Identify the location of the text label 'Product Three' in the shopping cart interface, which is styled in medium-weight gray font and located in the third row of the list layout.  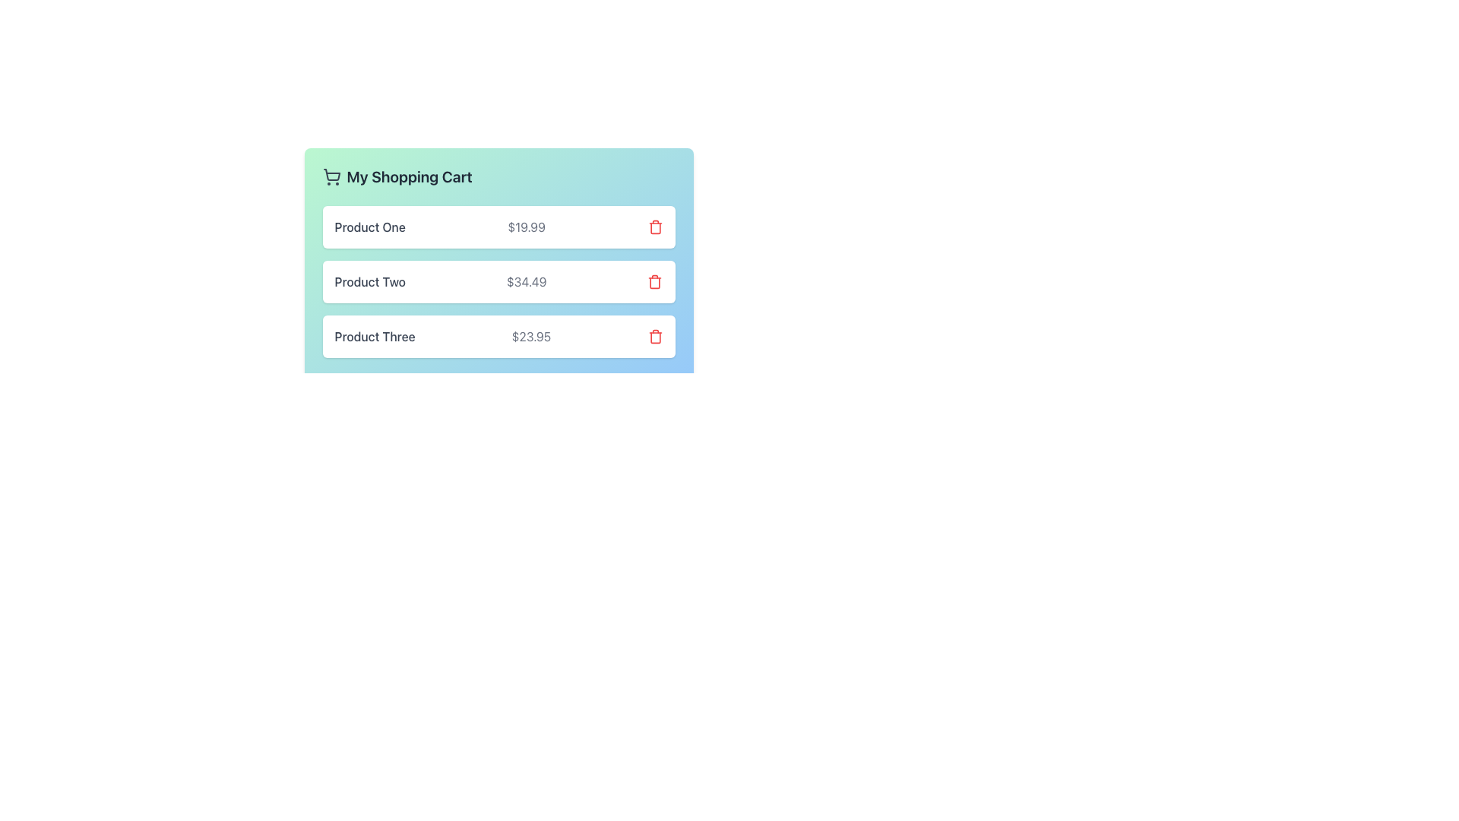
(375, 336).